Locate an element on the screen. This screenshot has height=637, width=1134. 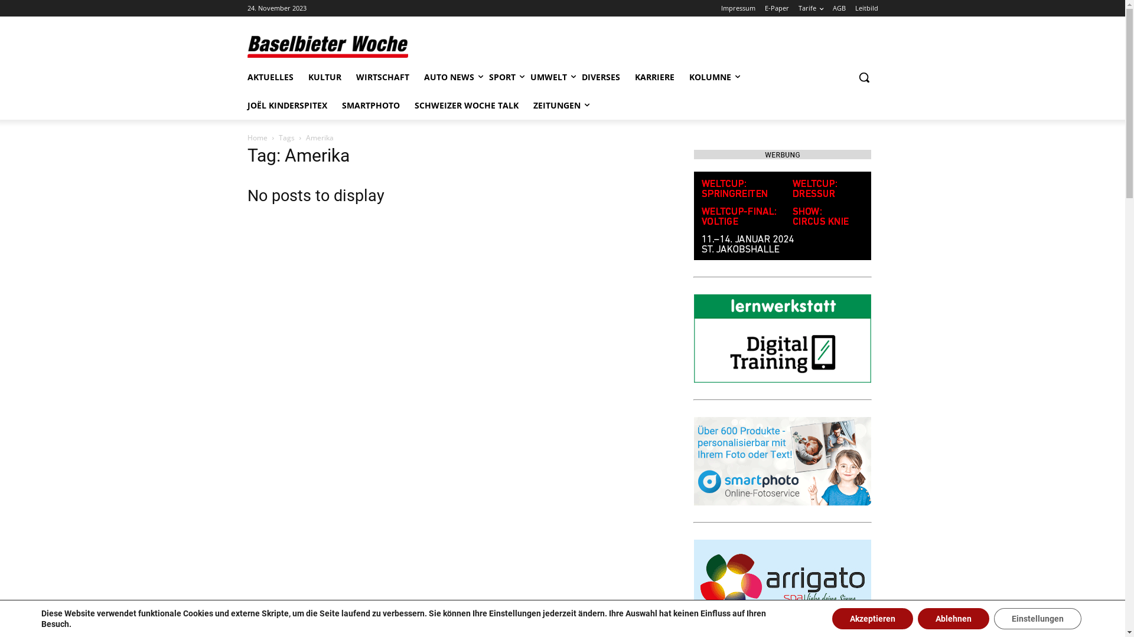
'SMARTPHOTO' is located at coordinates (370, 104).